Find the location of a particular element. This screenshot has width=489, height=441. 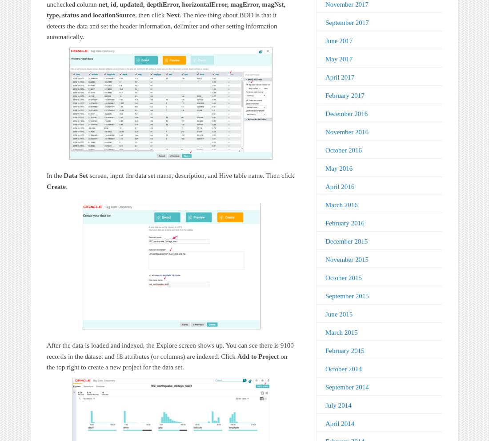

'November 2016' is located at coordinates (346, 132).